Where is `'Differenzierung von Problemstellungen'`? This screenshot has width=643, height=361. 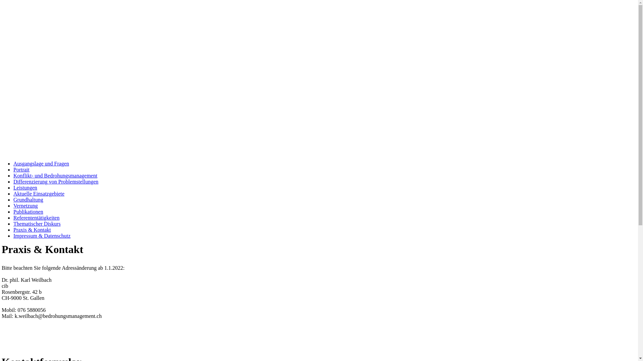
'Differenzierung von Problemstellungen' is located at coordinates (13, 182).